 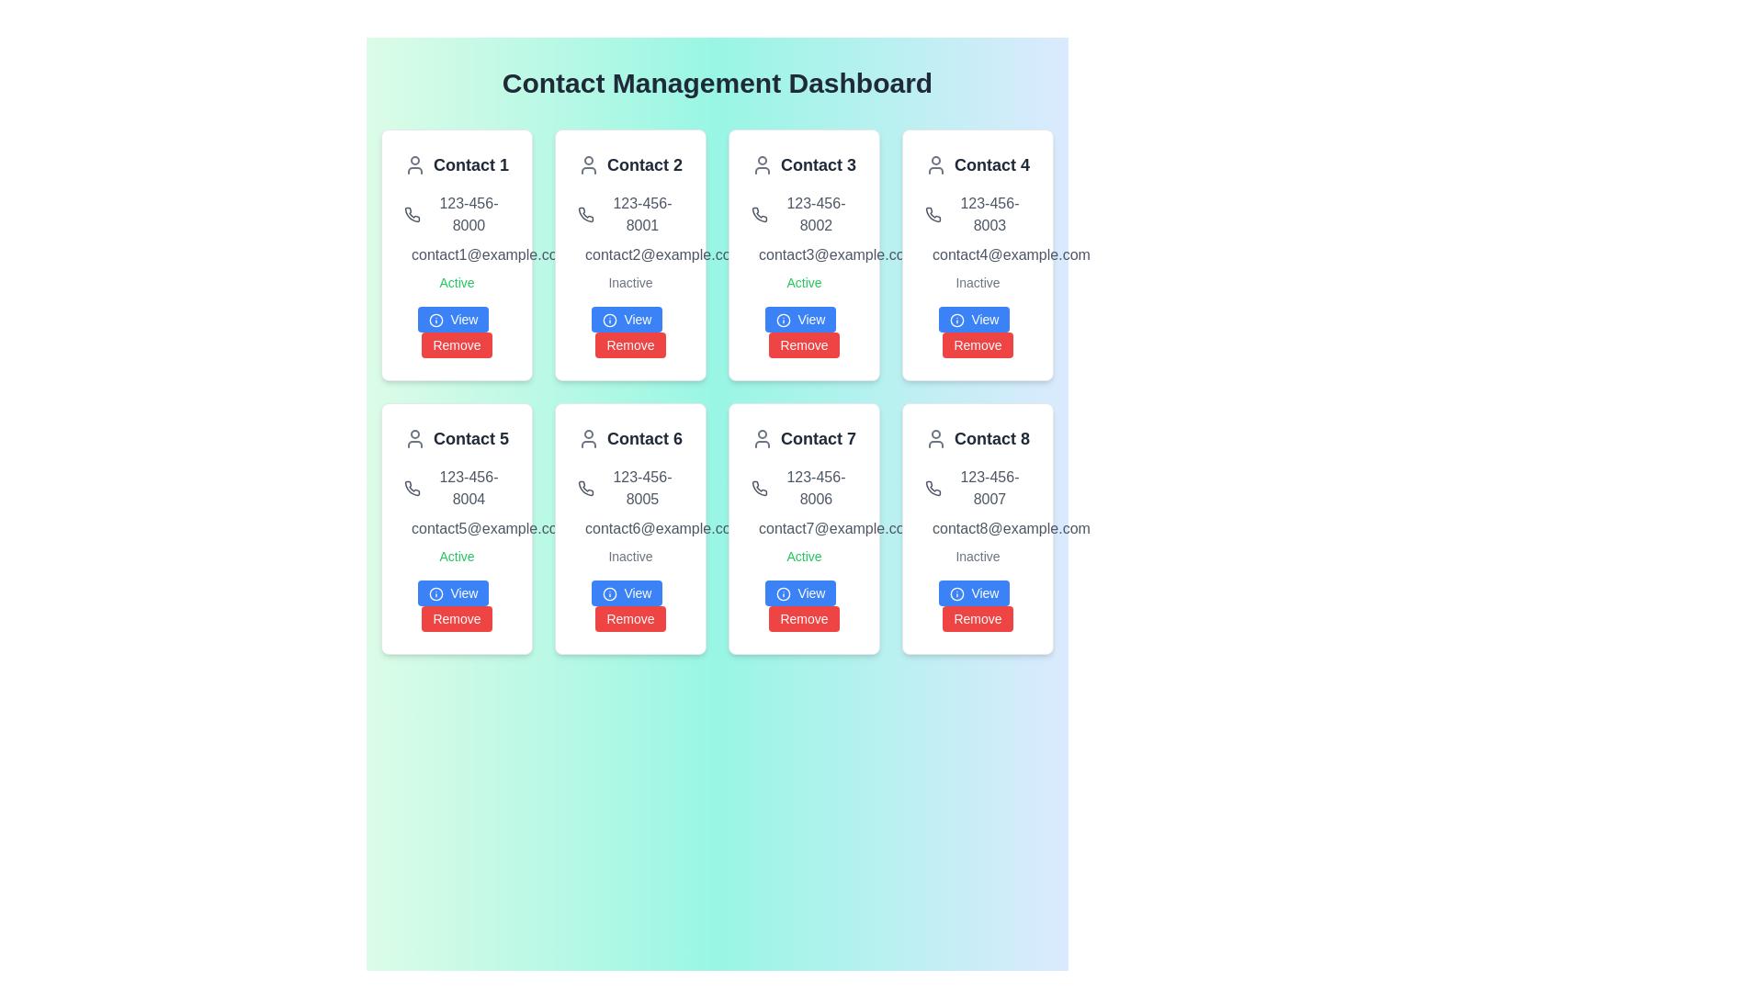 I want to click on the static text label displaying 'Contact 6' in bold dark gray font within the Contact Management Dashboard, so click(x=644, y=439).